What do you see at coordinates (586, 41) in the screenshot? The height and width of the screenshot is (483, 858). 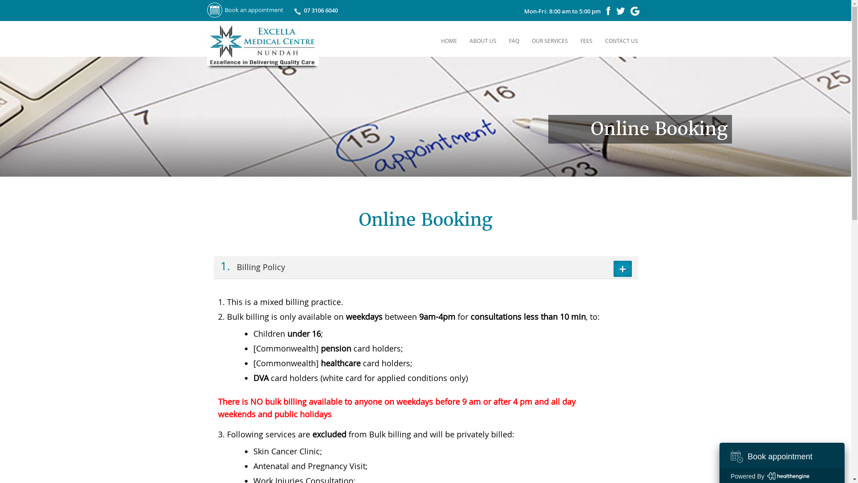 I see `'FEES'` at bounding box center [586, 41].